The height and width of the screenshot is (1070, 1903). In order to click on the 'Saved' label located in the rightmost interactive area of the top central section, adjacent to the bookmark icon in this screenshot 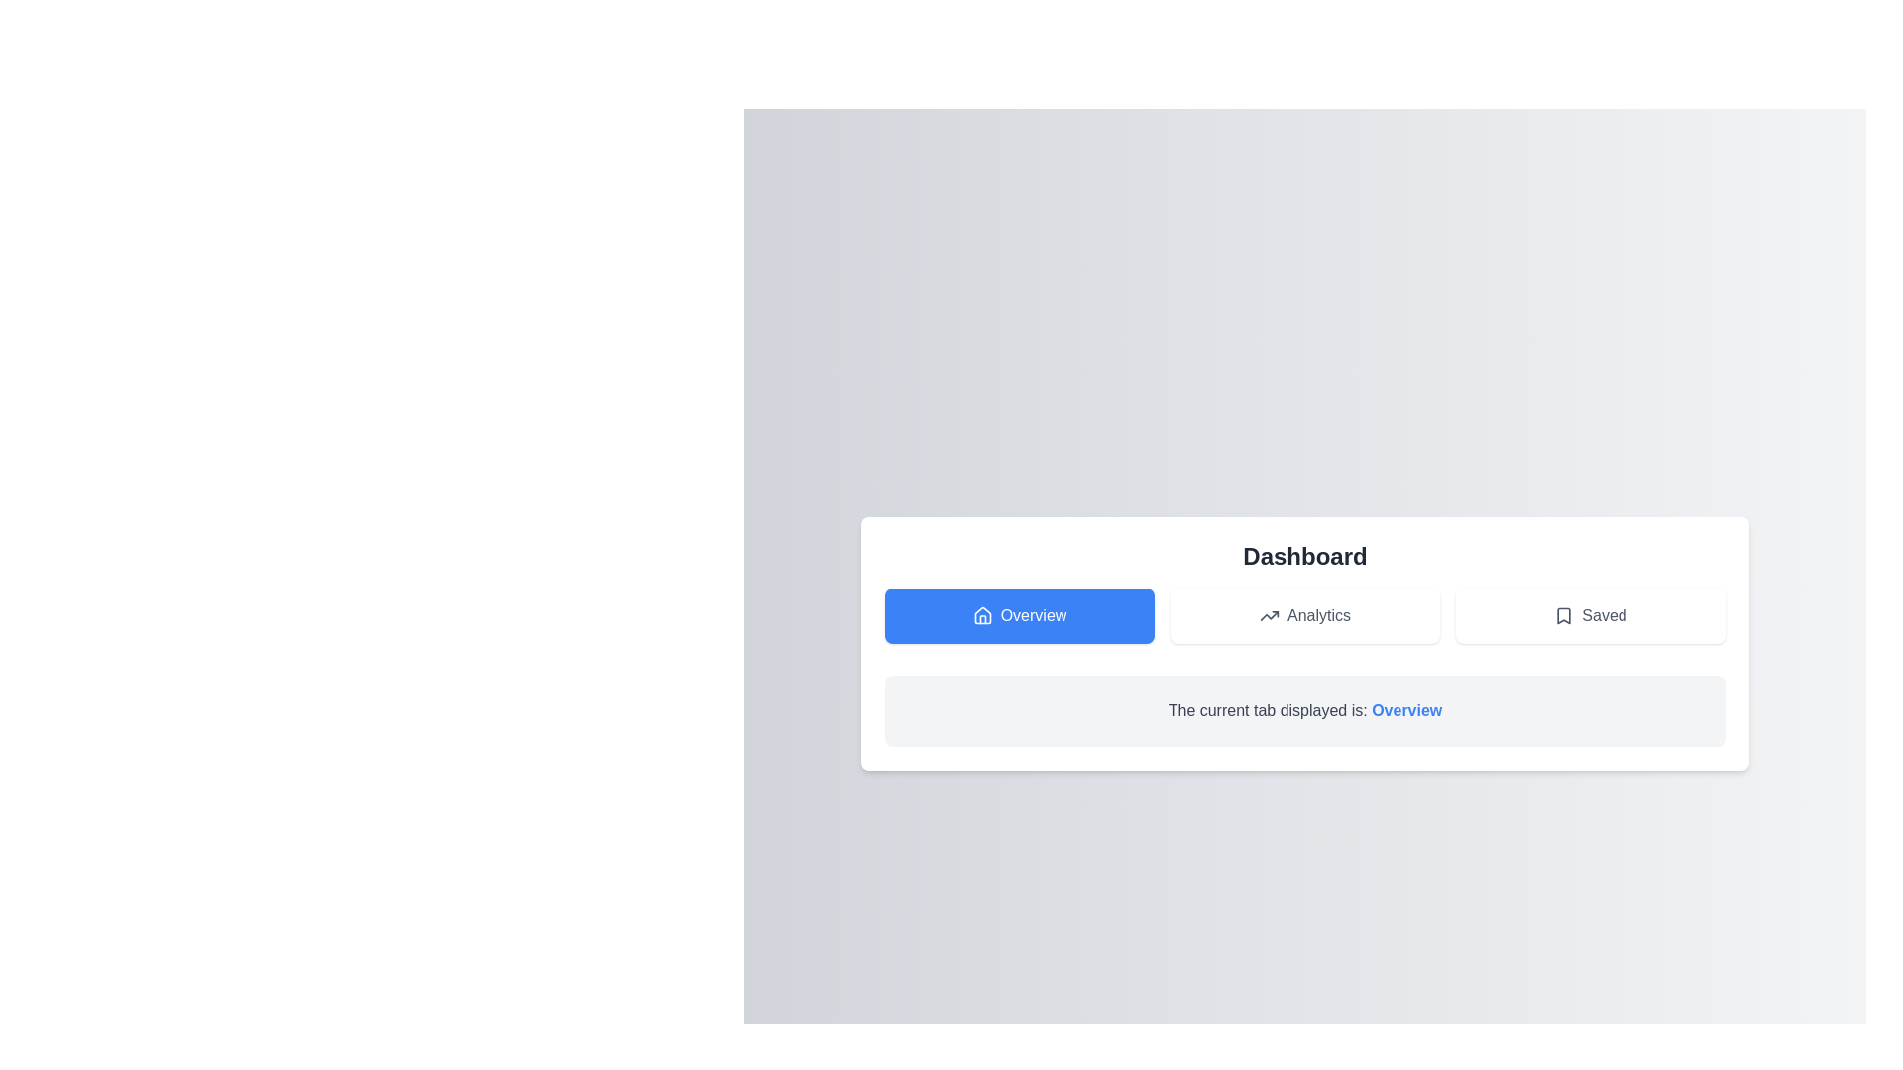, I will do `click(1604, 614)`.